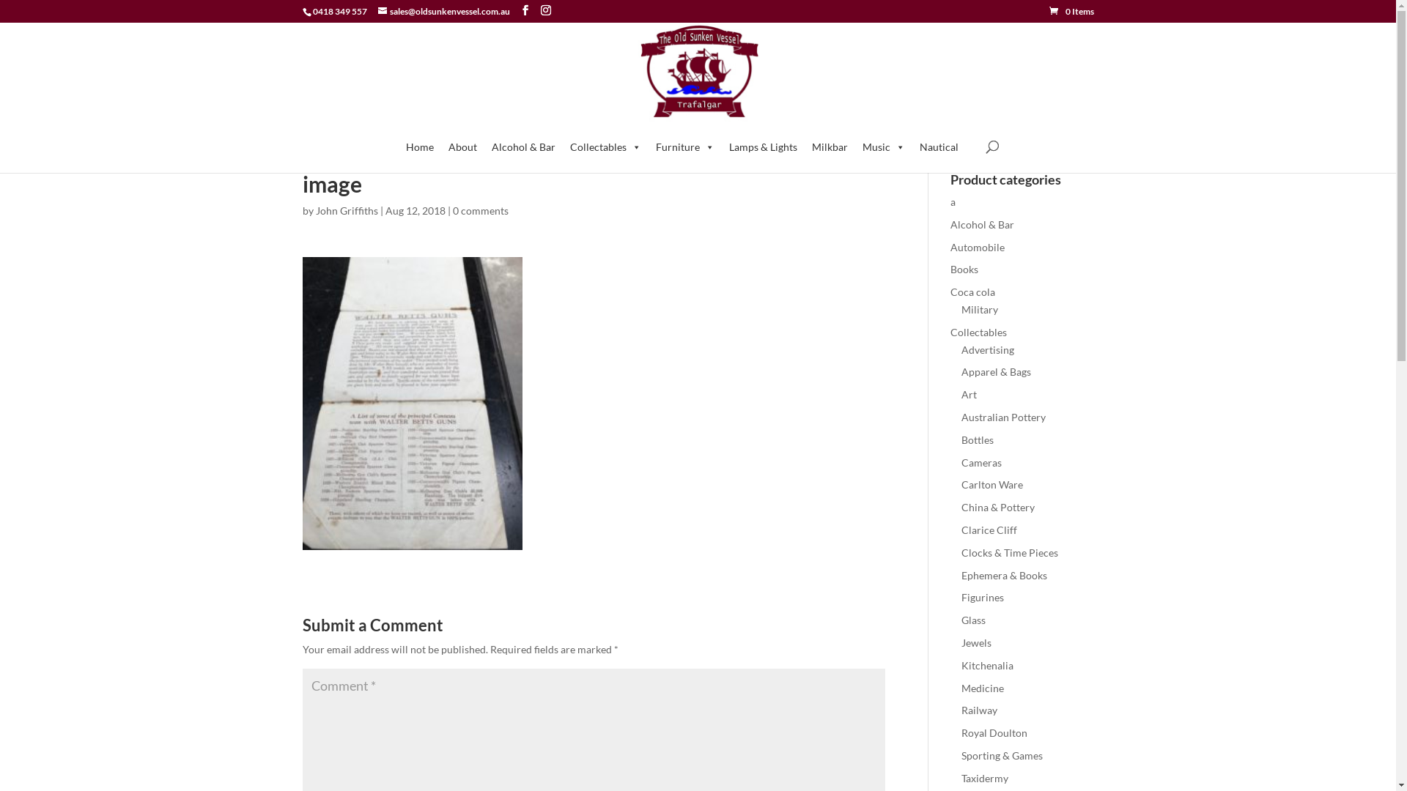 The height and width of the screenshot is (791, 1407). Describe the element at coordinates (961, 439) in the screenshot. I see `'Bottles'` at that location.